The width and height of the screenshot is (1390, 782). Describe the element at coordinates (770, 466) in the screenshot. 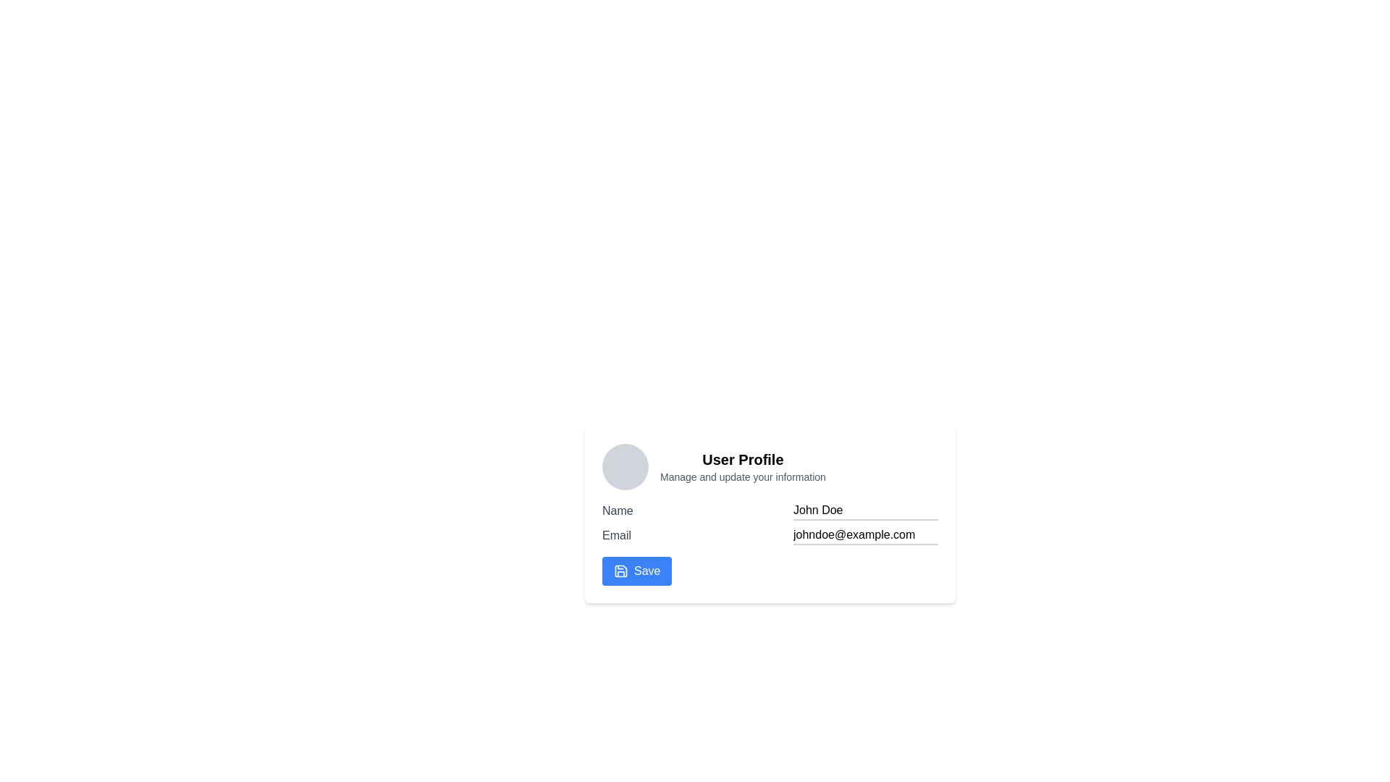

I see `title or description from the header that contains profile details and image placeholder, located at the top of the profile management section` at that location.